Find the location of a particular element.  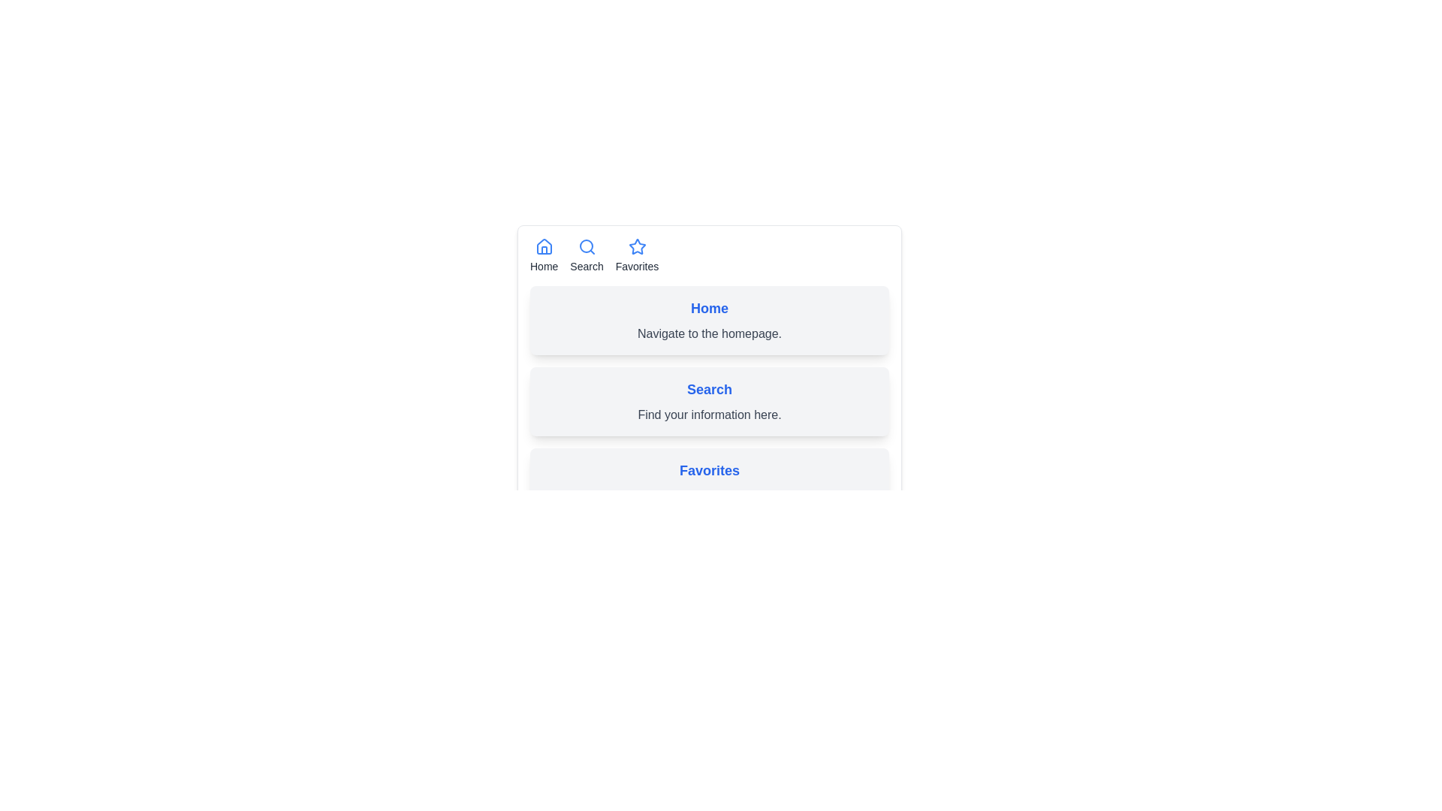

the magnifying glass icon located in the horizontal navigation bar at the top of the interface is located at coordinates (586, 246).